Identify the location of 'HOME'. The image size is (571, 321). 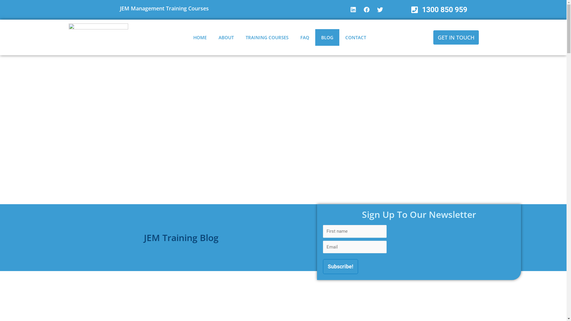
(200, 37).